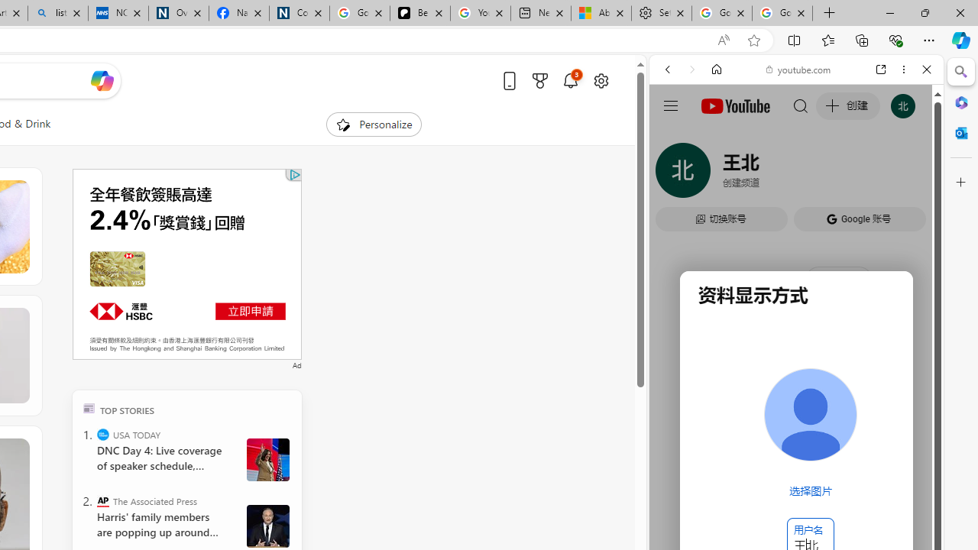 This screenshot has height=550, width=978. I want to click on 'youtube.com', so click(798, 70).